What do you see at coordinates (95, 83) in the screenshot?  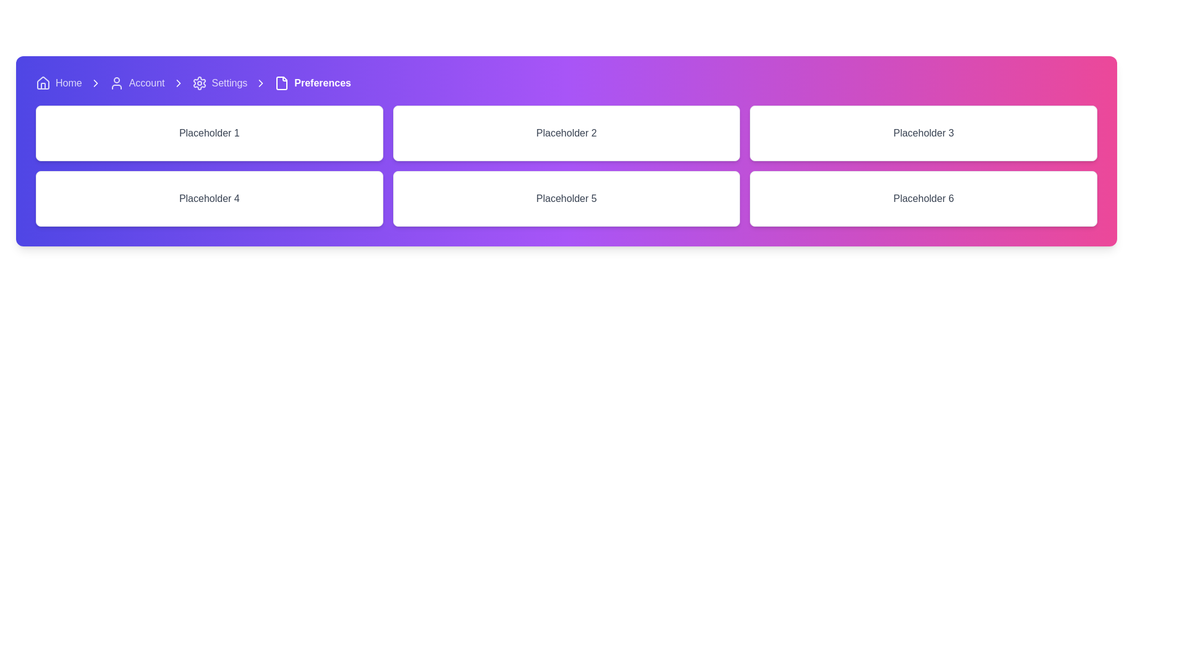 I see `the visual separator icon in the breadcrumb navigation located between the 'Settings' and 'Preferences' labels` at bounding box center [95, 83].